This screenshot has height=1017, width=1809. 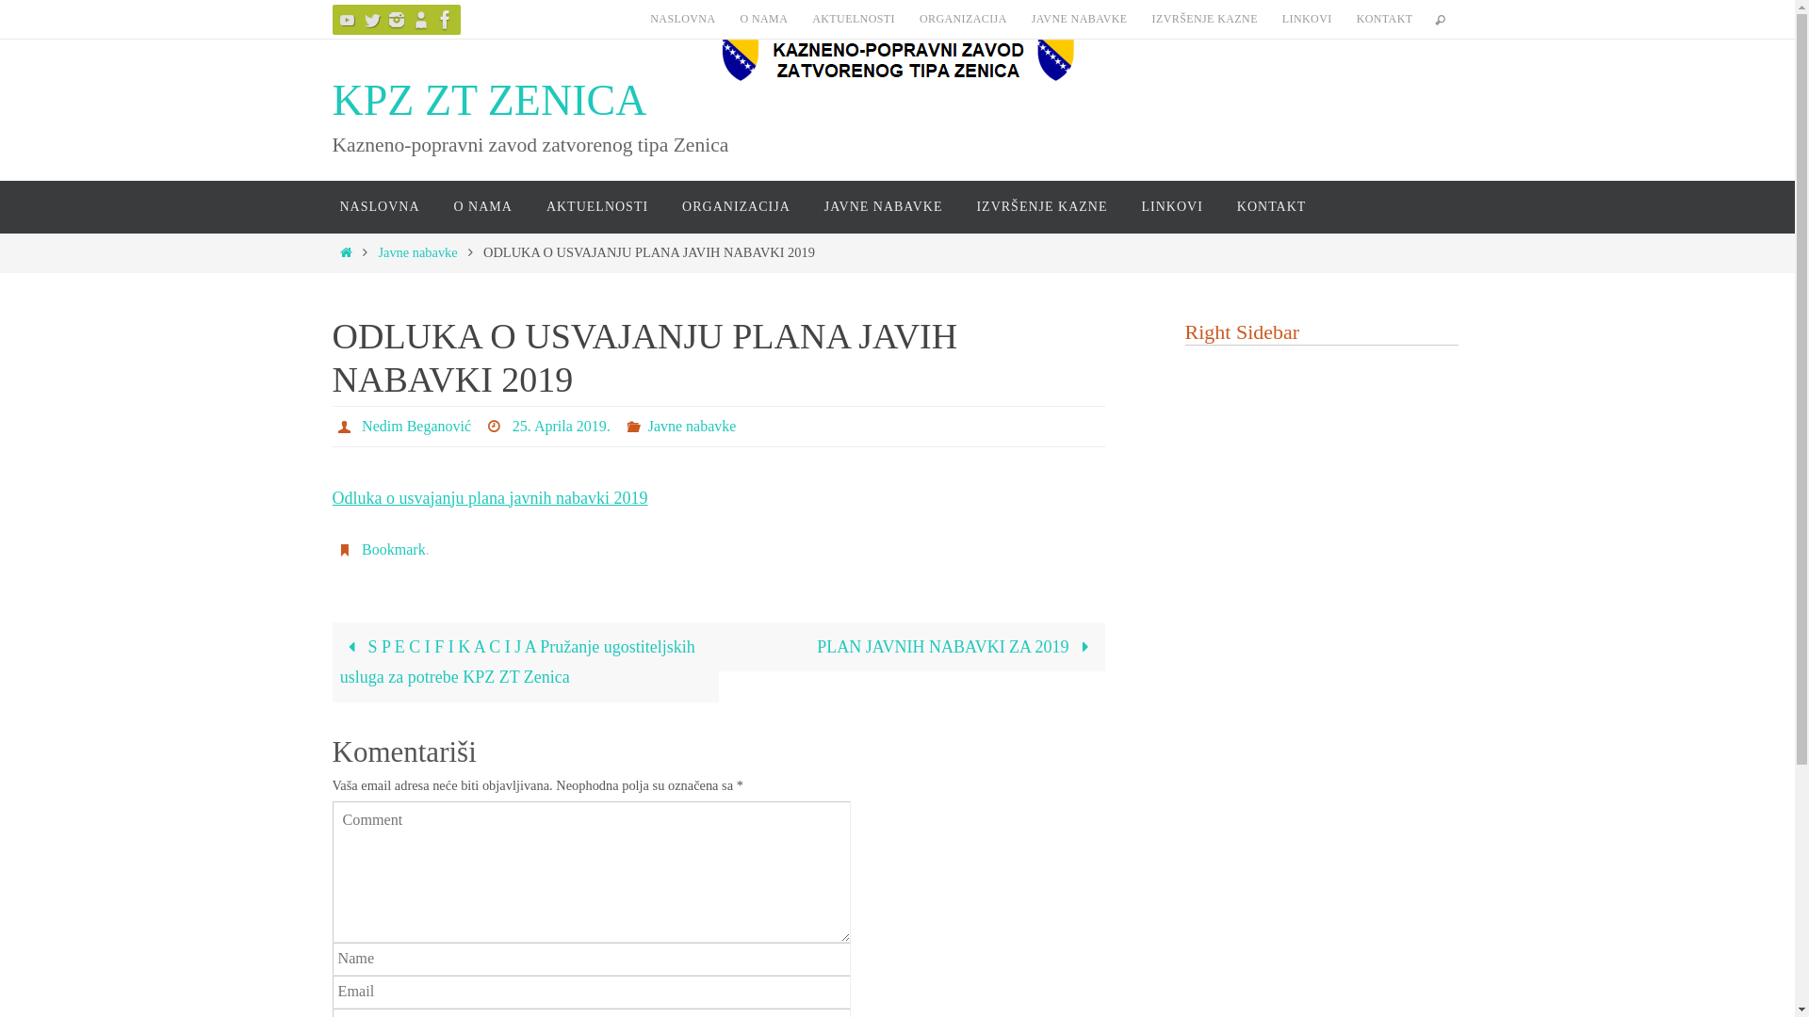 What do you see at coordinates (337, 250) in the screenshot?
I see `'Home'` at bounding box center [337, 250].